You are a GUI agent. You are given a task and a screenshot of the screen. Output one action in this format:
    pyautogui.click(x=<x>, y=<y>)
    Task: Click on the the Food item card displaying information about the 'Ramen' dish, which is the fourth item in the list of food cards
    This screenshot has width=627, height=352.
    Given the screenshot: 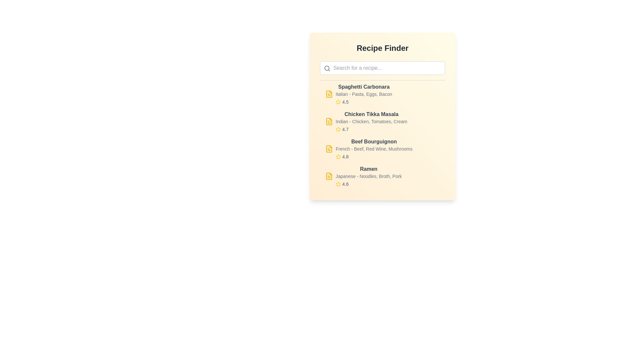 What is the action you would take?
    pyautogui.click(x=382, y=176)
    